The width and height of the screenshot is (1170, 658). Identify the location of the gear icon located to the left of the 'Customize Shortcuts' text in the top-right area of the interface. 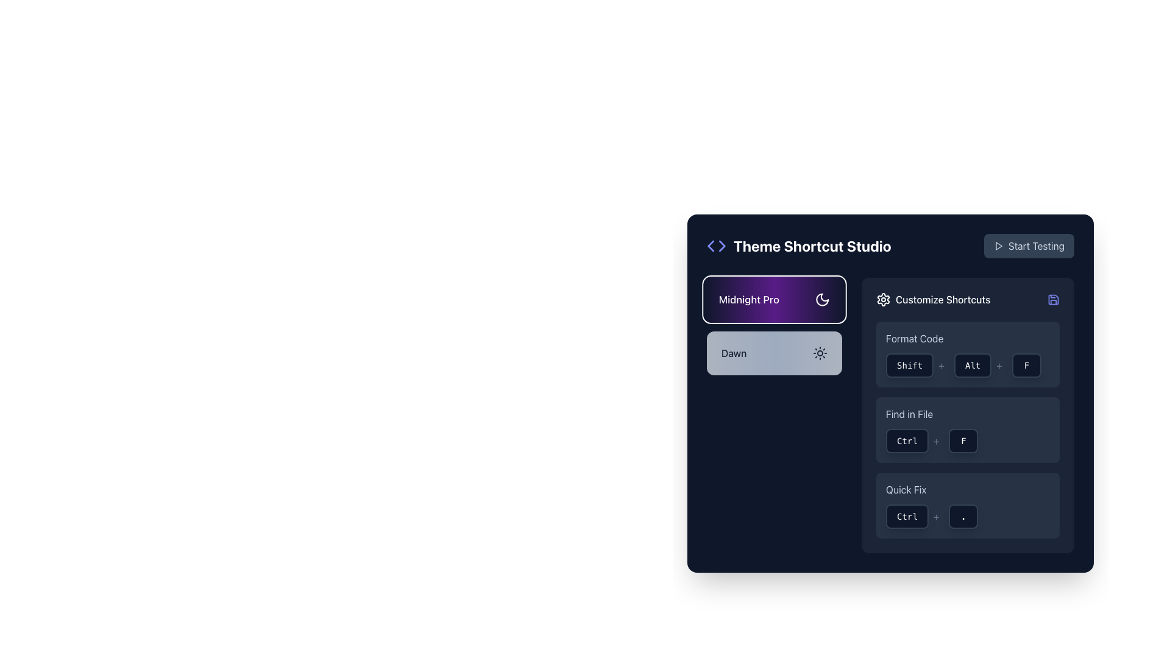
(883, 300).